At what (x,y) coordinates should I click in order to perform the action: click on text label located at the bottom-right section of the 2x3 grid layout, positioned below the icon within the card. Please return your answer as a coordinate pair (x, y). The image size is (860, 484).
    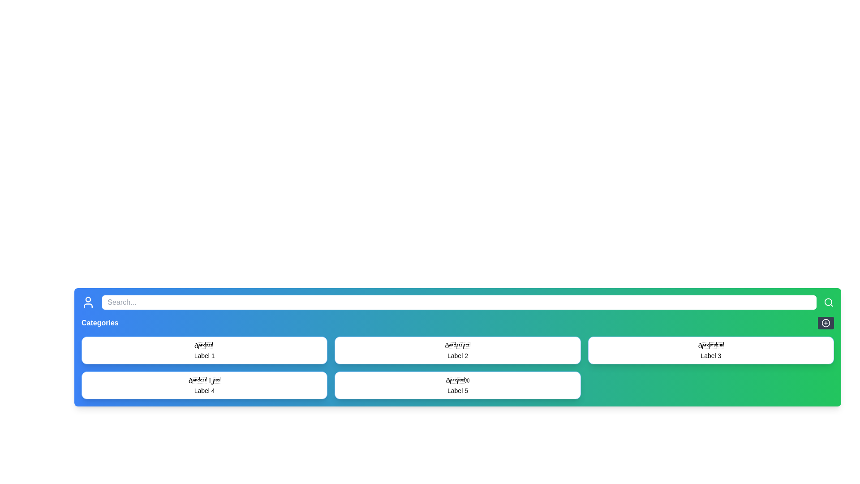
    Looking at the image, I should click on (710, 355).